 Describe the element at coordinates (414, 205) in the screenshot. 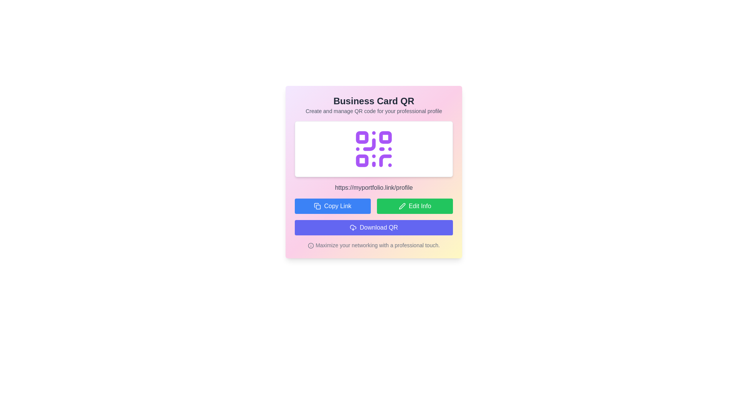

I see `the edit button, which is the second button in a row of two, located to the right of the blue 'Copy Link' button` at that location.